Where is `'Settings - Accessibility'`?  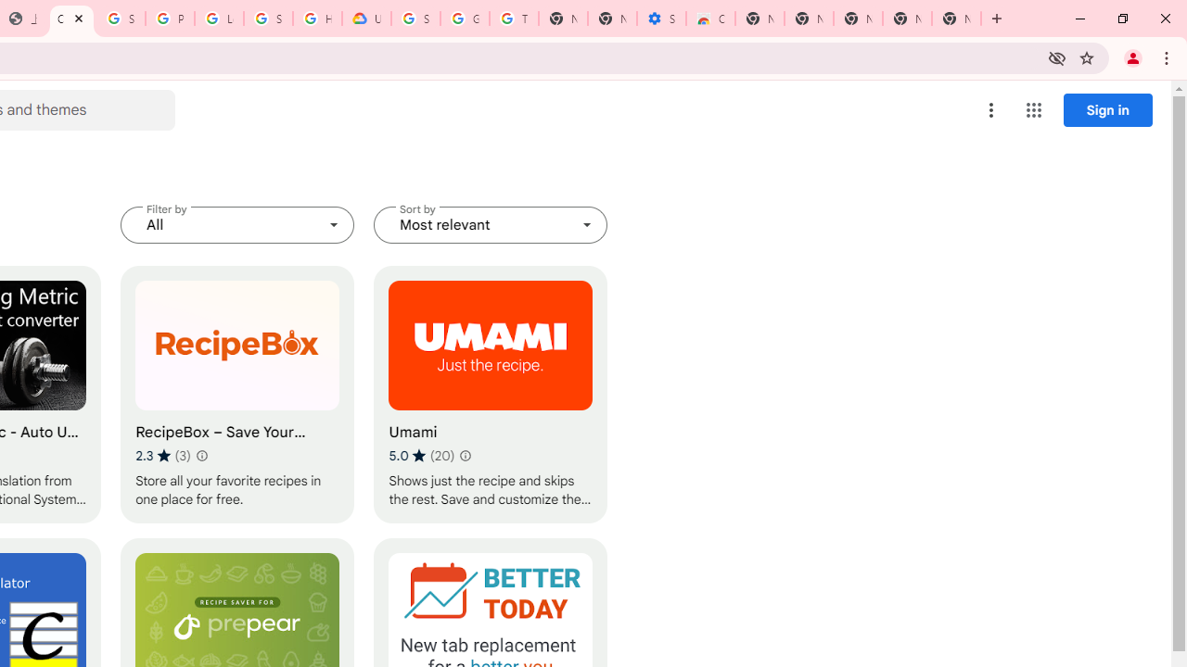 'Settings - Accessibility' is located at coordinates (661, 19).